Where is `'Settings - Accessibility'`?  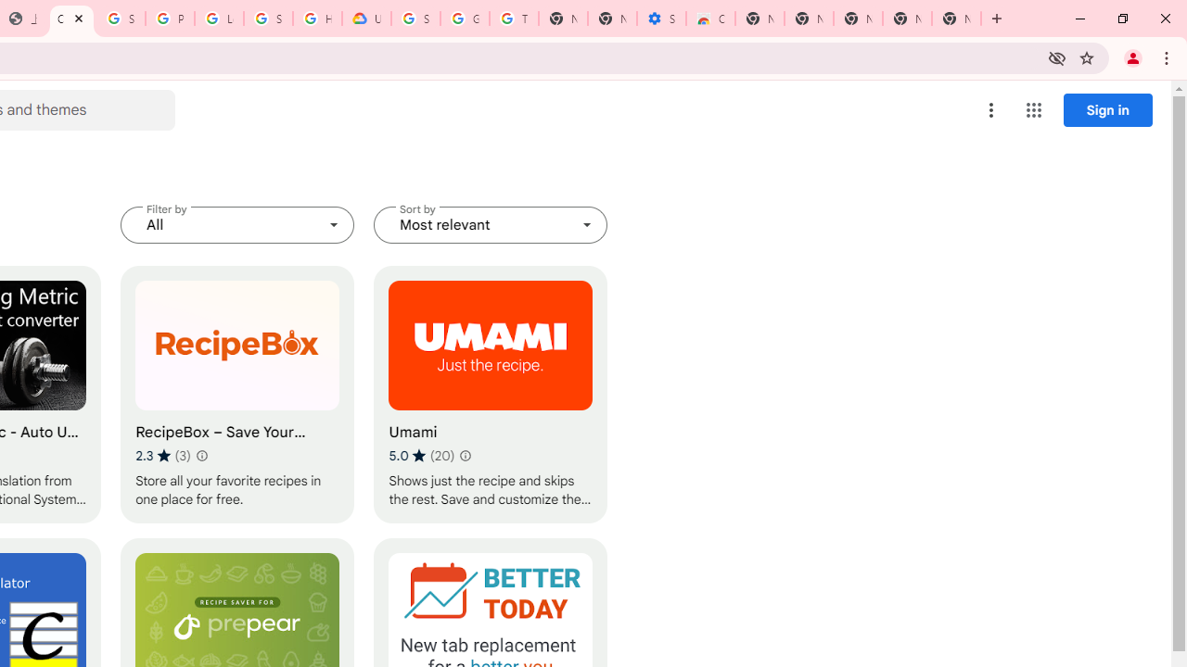 'Settings - Accessibility' is located at coordinates (661, 19).